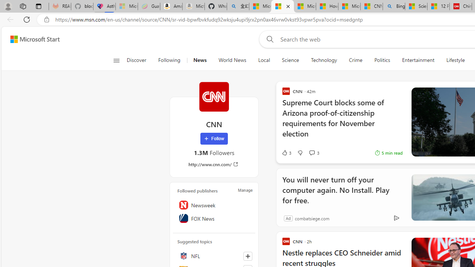 Image resolution: width=475 pixels, height=267 pixels. I want to click on 'Class: button-glyph', so click(116, 60).